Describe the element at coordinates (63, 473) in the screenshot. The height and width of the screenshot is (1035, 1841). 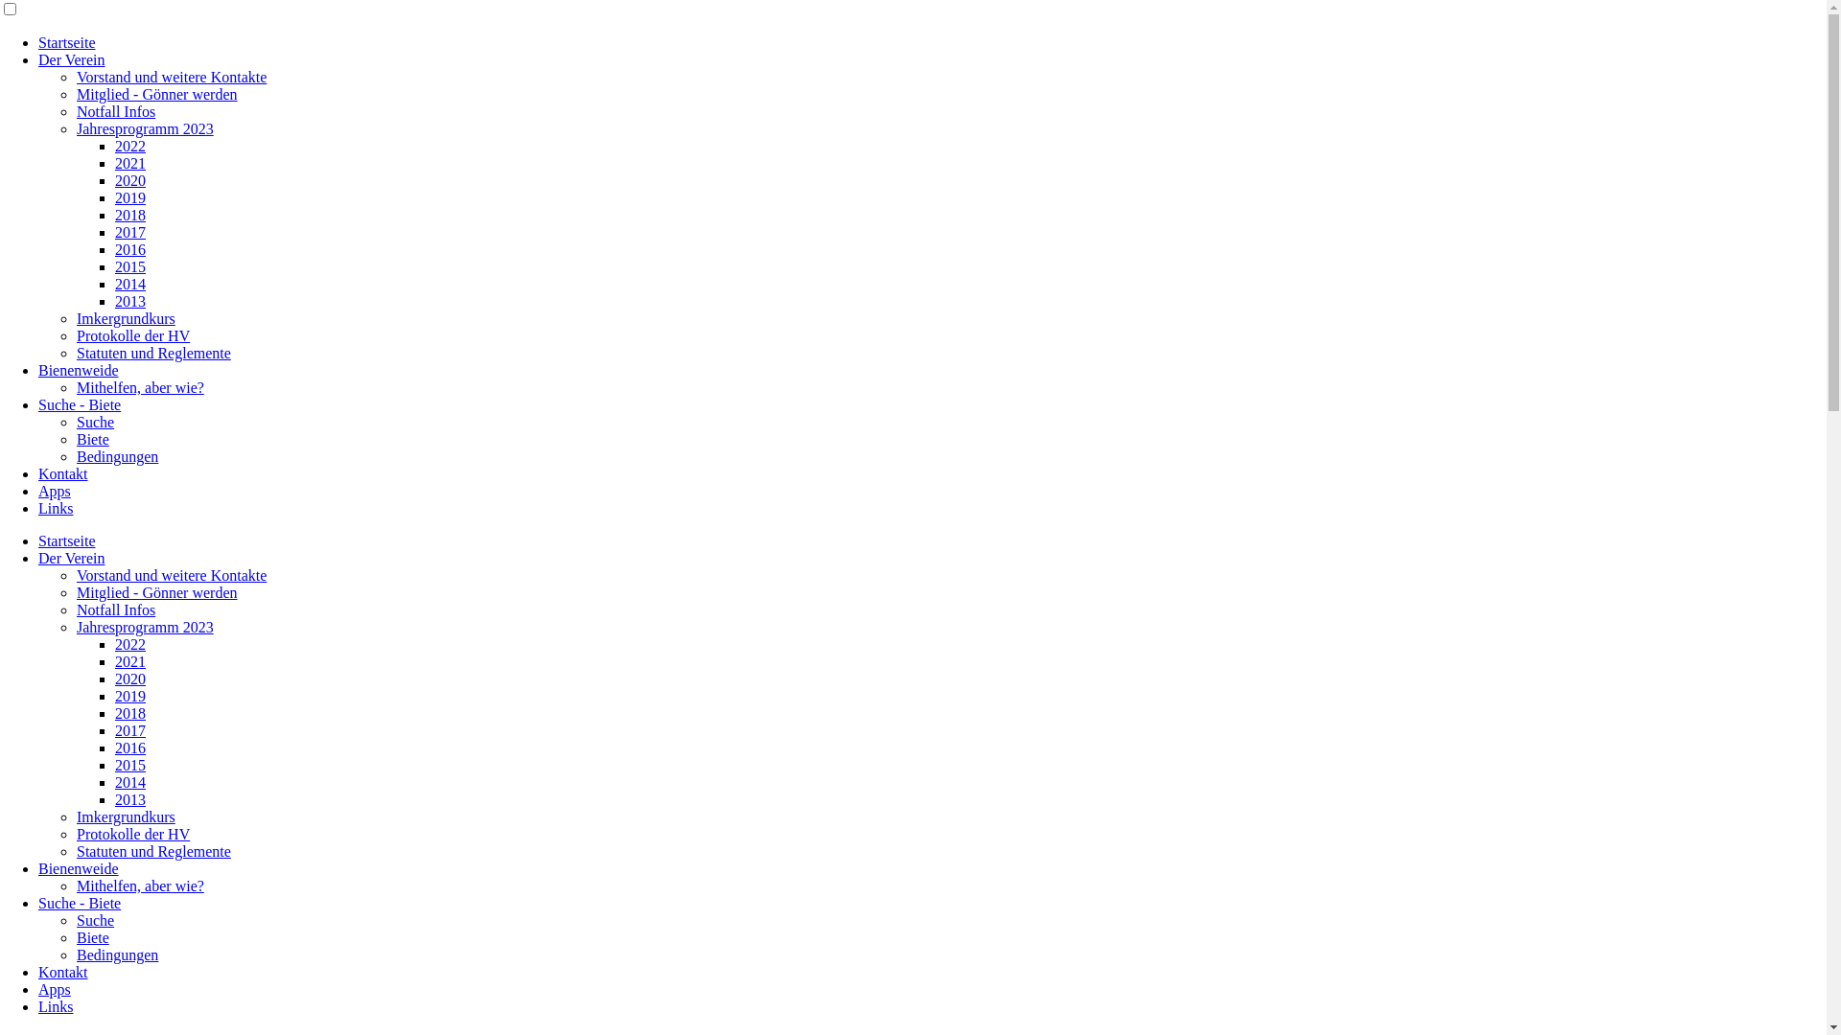
I see `'Kontakt'` at that location.